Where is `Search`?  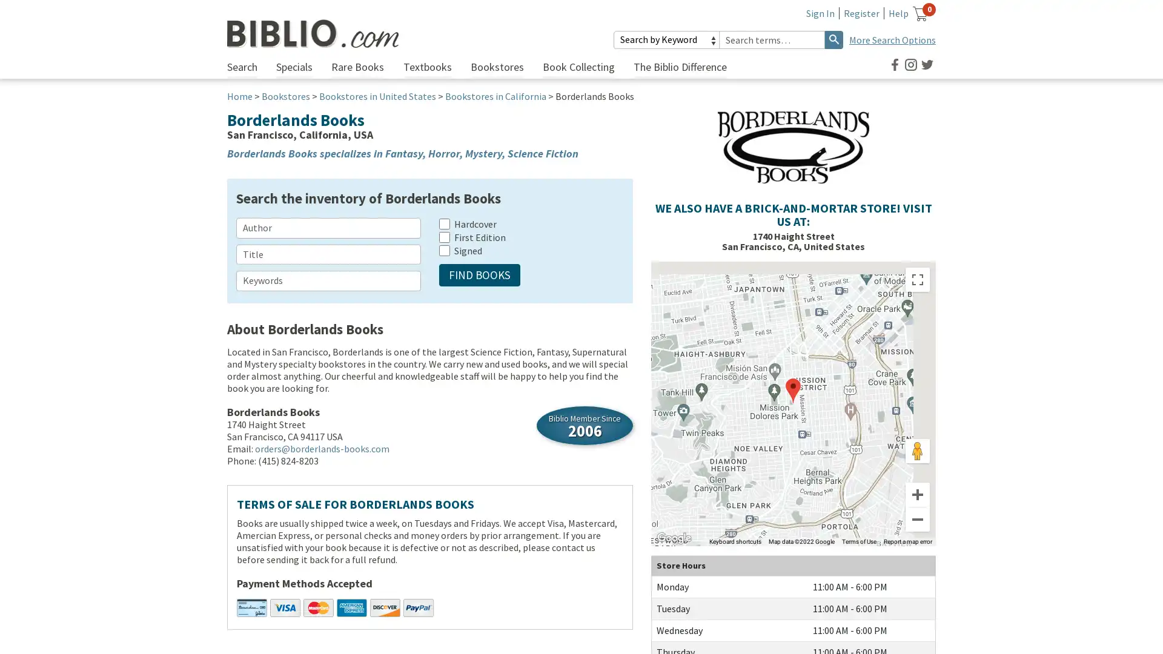 Search is located at coordinates (833, 39).